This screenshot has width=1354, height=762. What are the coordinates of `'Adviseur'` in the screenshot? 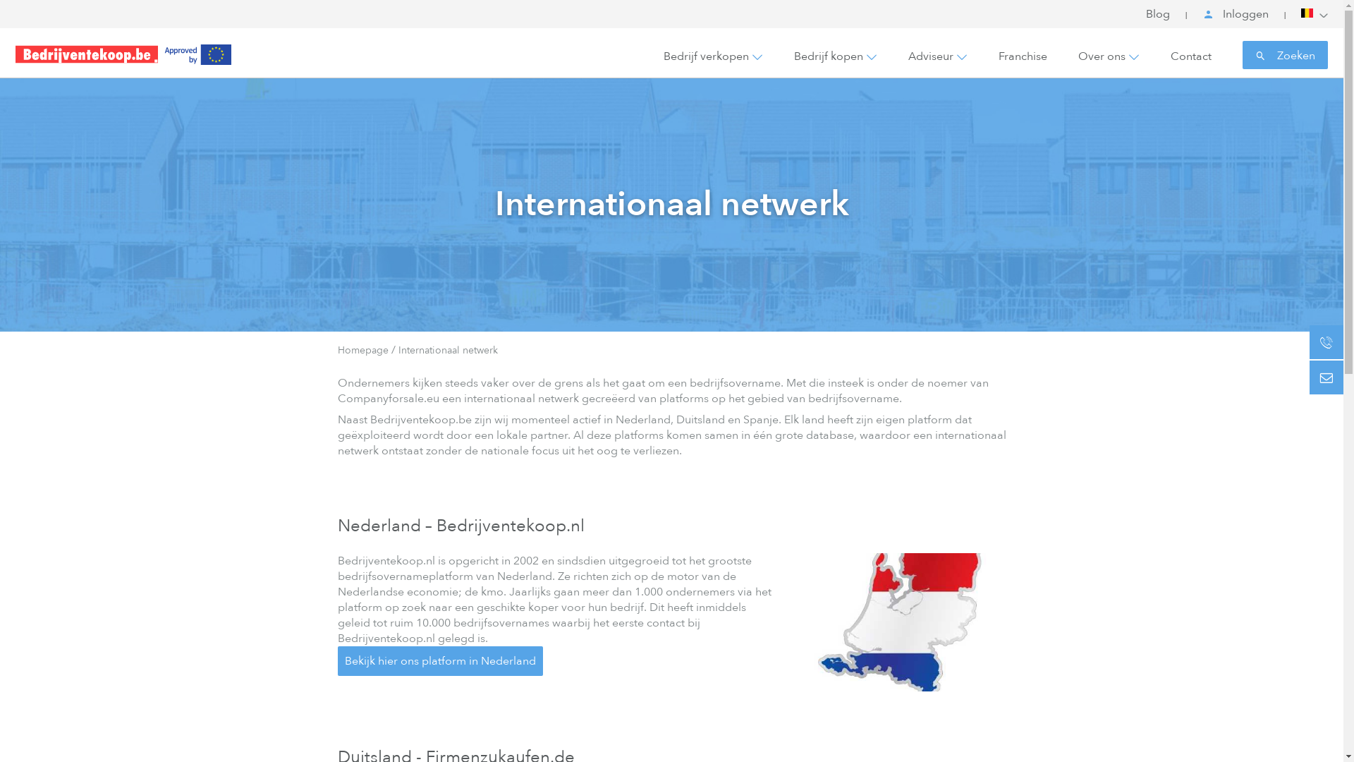 It's located at (931, 56).